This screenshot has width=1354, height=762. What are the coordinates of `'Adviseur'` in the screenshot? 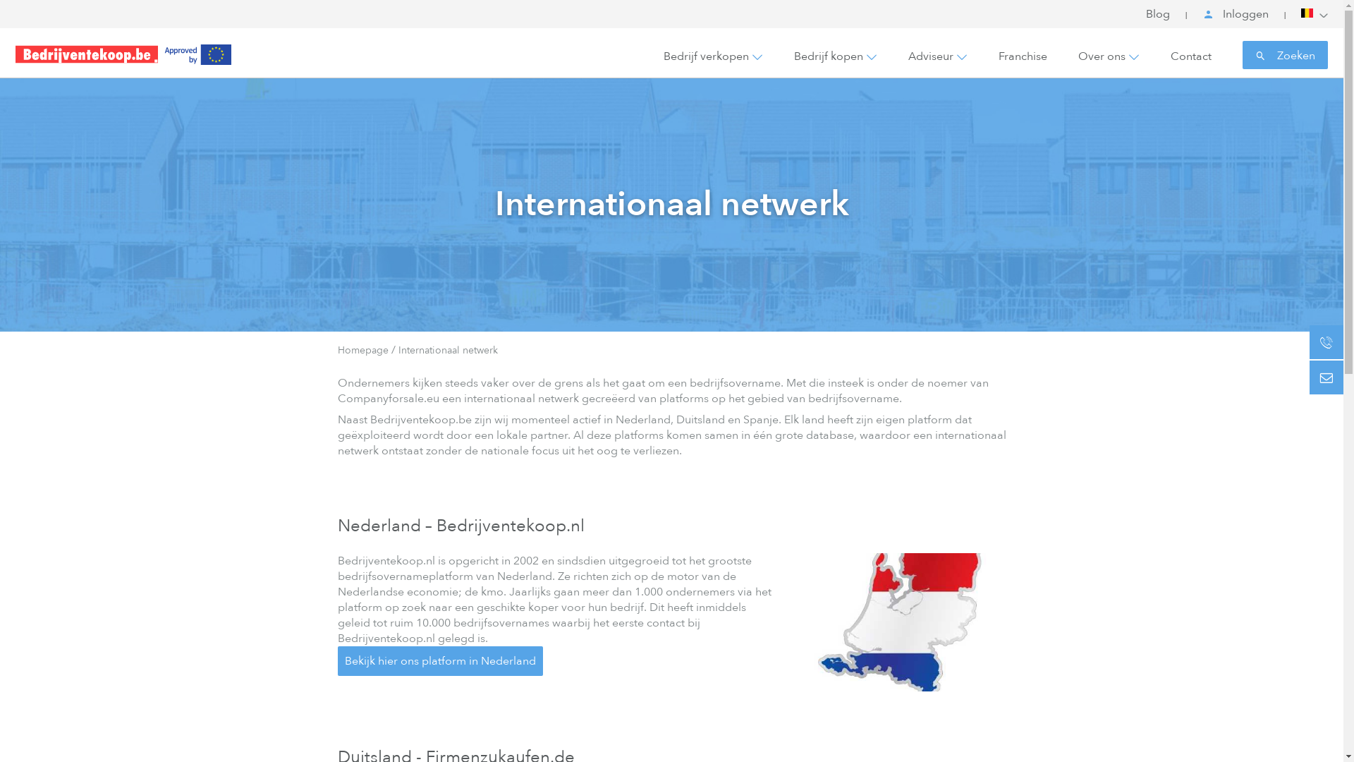 It's located at (931, 56).